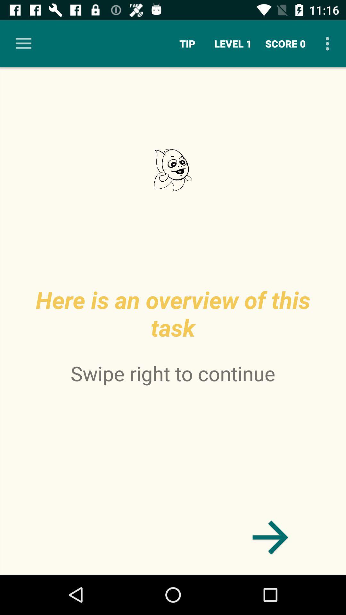  Describe the element at coordinates (187, 43) in the screenshot. I see `the item next to the level 1 item` at that location.